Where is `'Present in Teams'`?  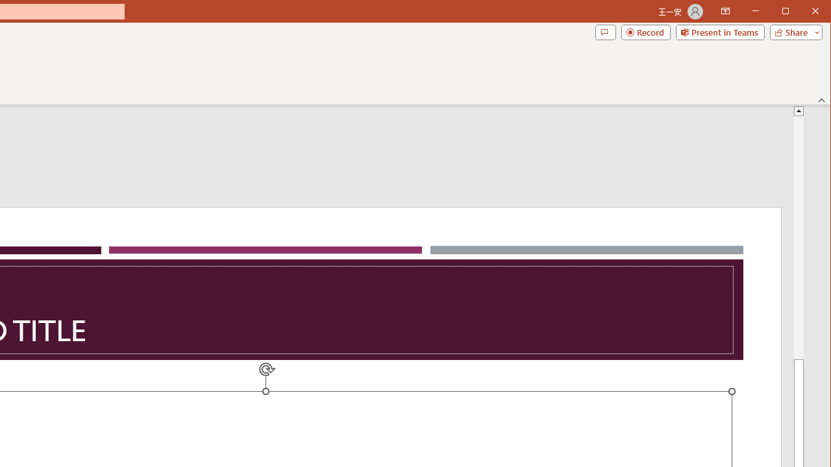
'Present in Teams' is located at coordinates (719, 32).